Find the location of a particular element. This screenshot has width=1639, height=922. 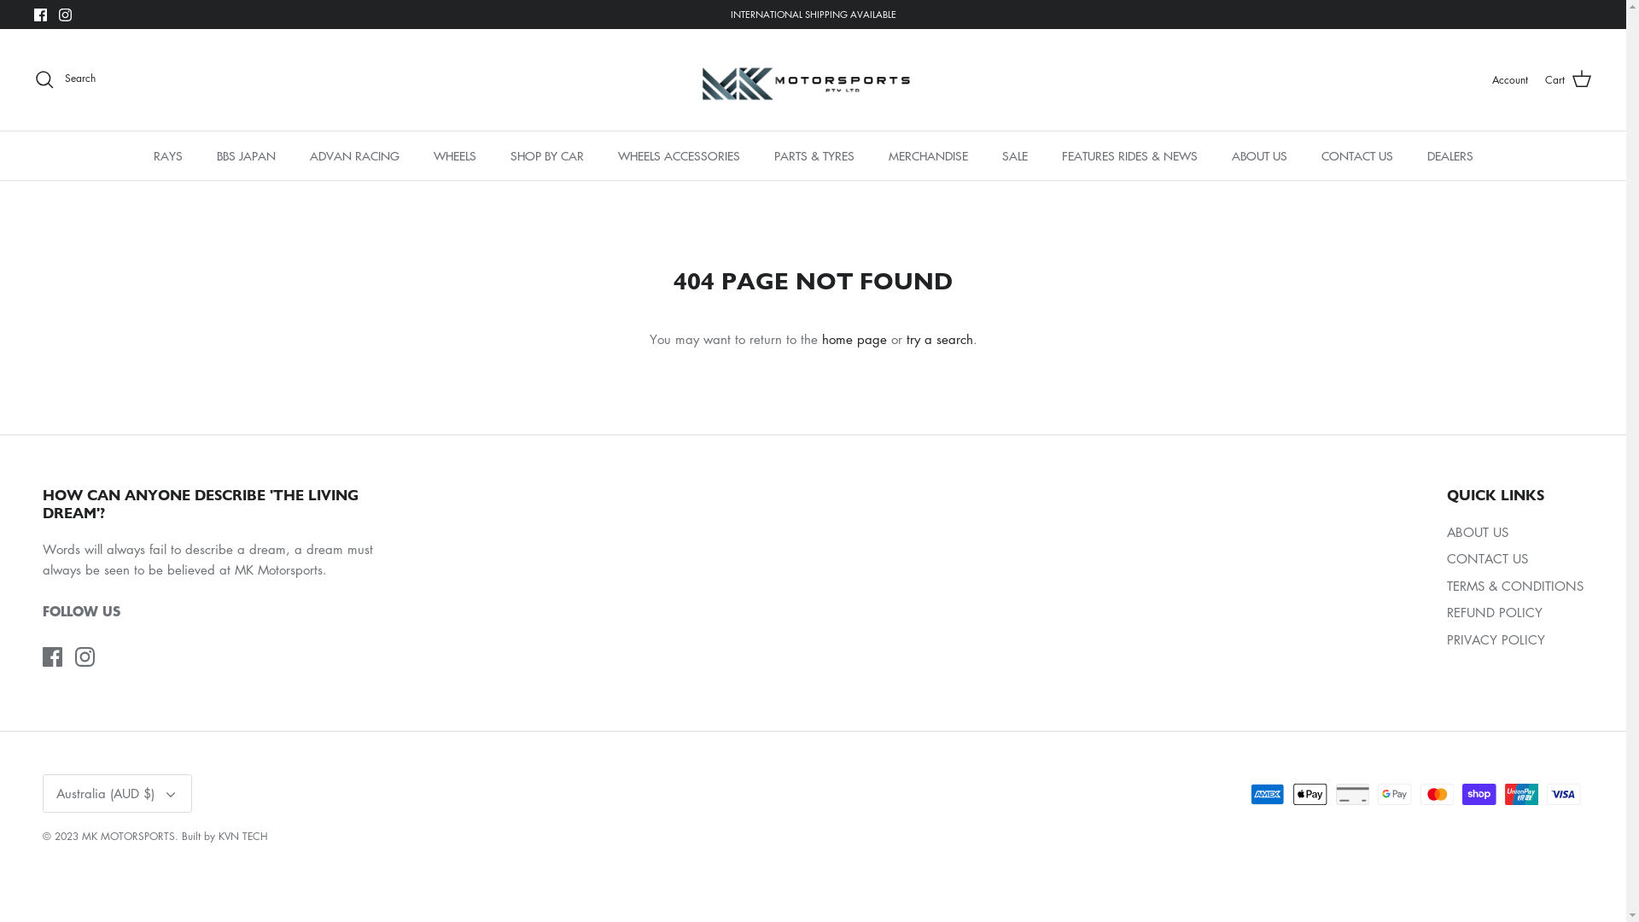

'Facebook' is located at coordinates (52, 656).